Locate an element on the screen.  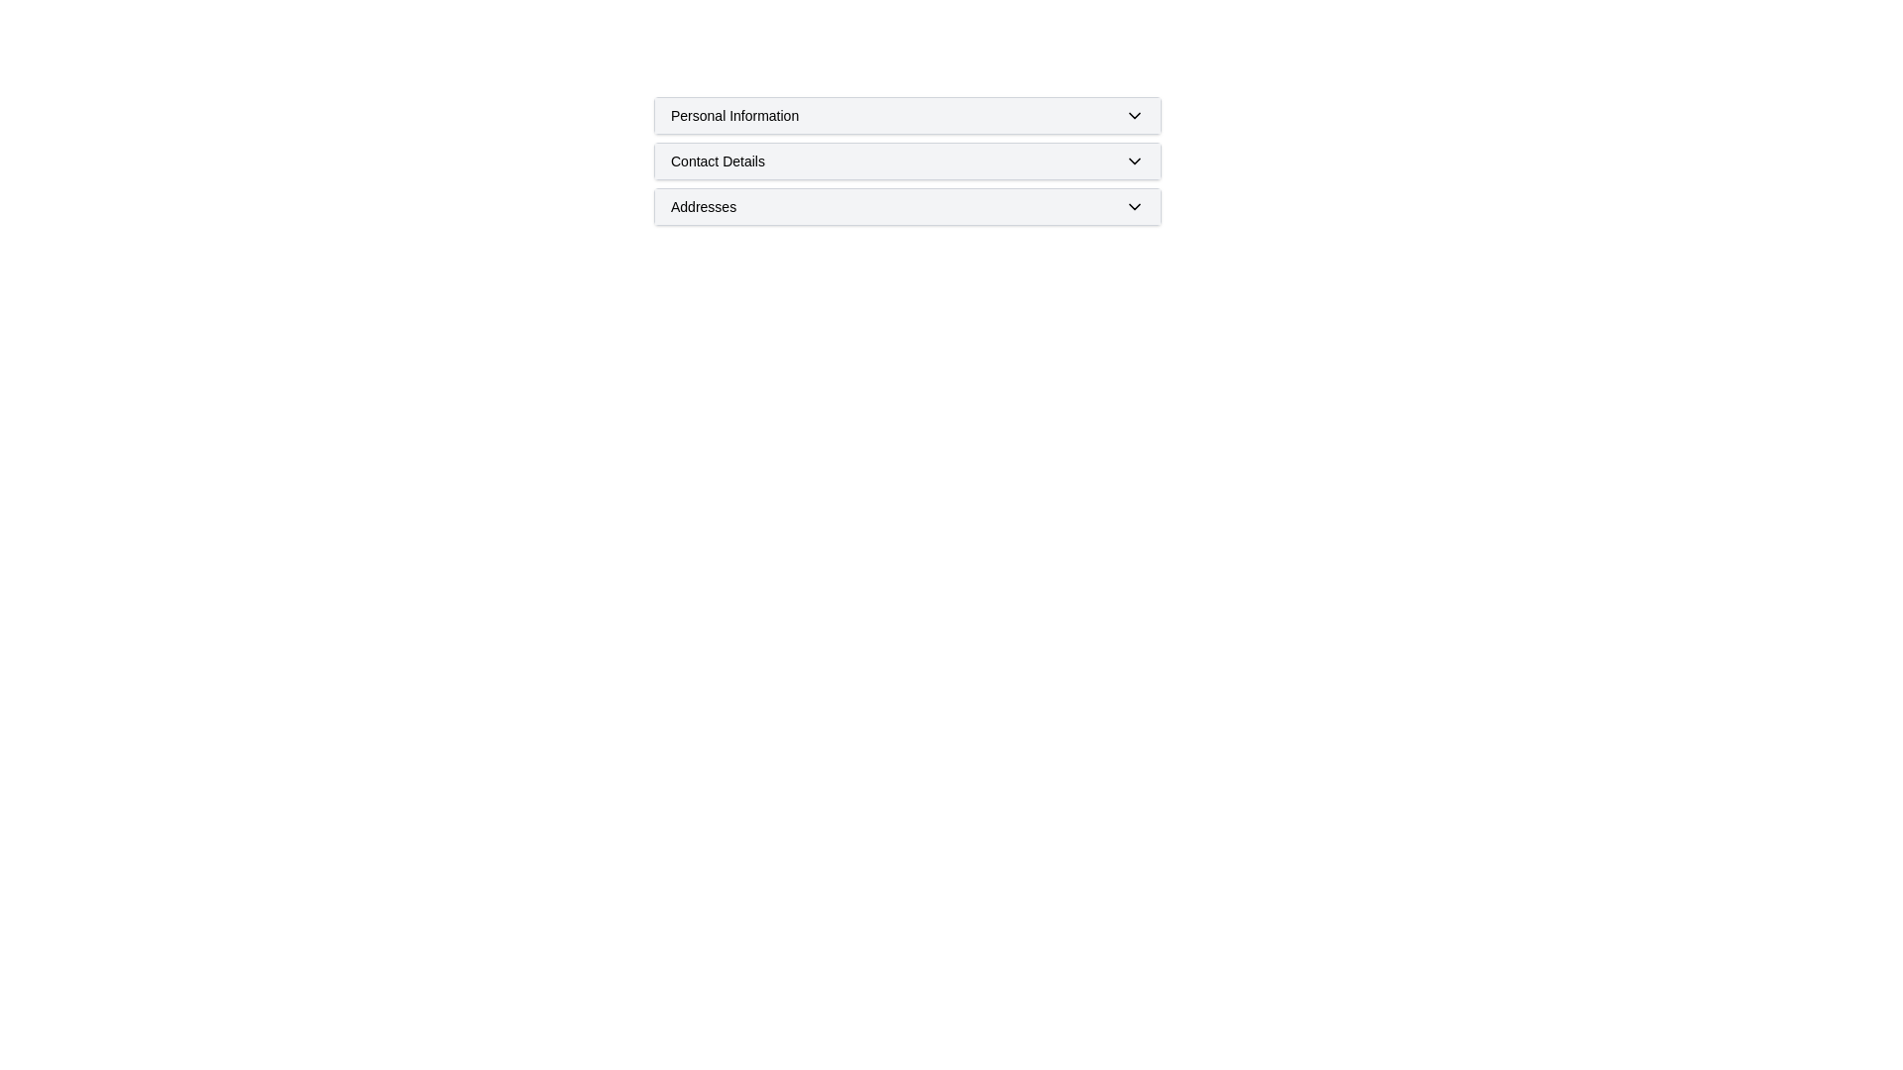
the chevron down button located at the rightmost end of the 'Contact Details' panel for interactive feedback is located at coordinates (1135, 160).